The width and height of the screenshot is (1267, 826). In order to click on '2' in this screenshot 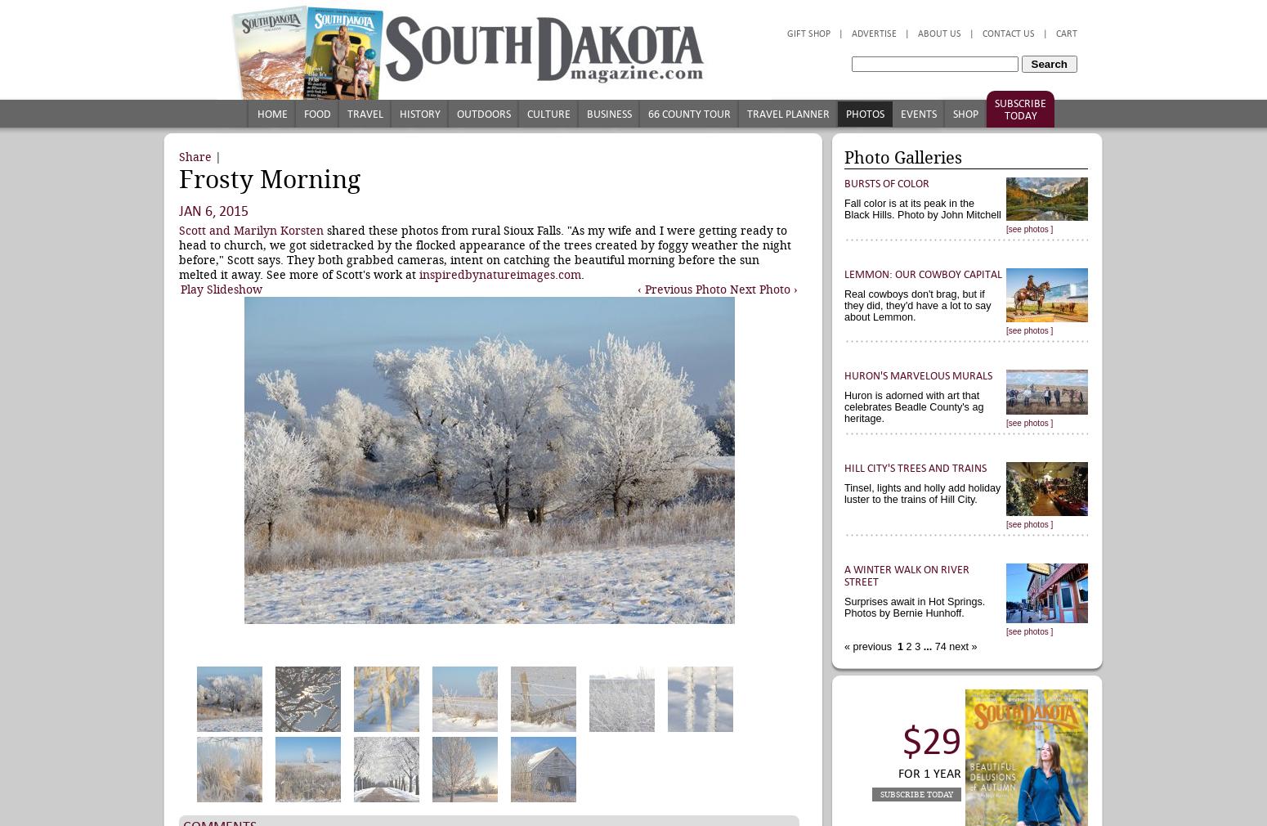, I will do `click(906, 647)`.